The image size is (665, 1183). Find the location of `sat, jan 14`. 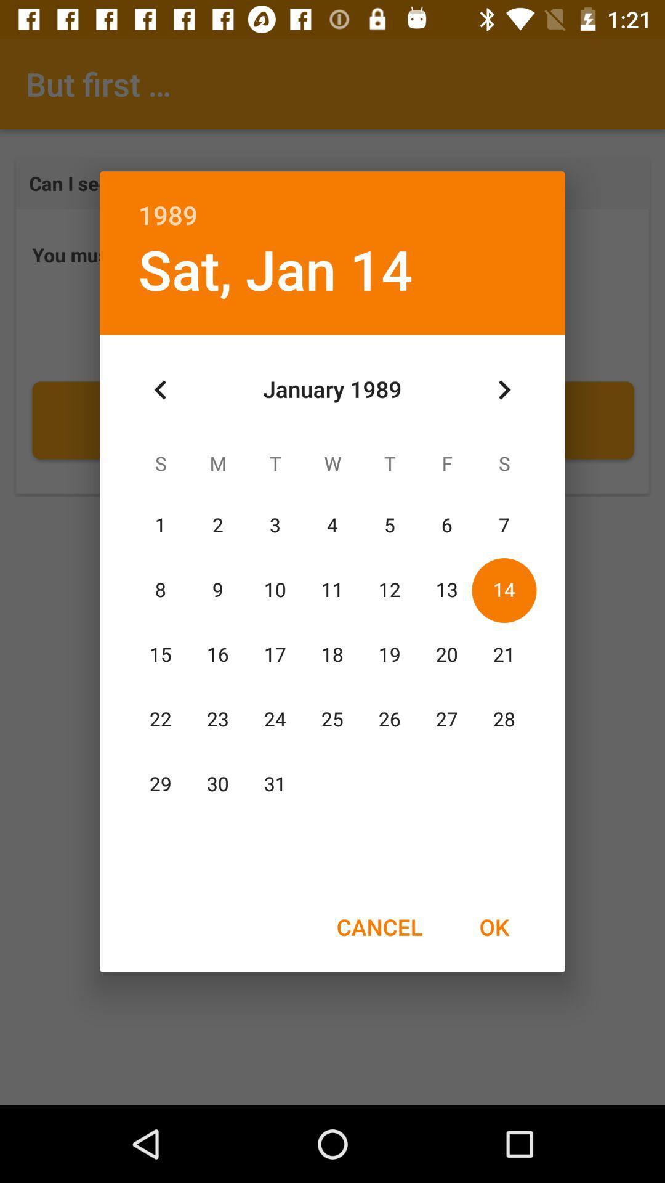

sat, jan 14 is located at coordinates (275, 268).